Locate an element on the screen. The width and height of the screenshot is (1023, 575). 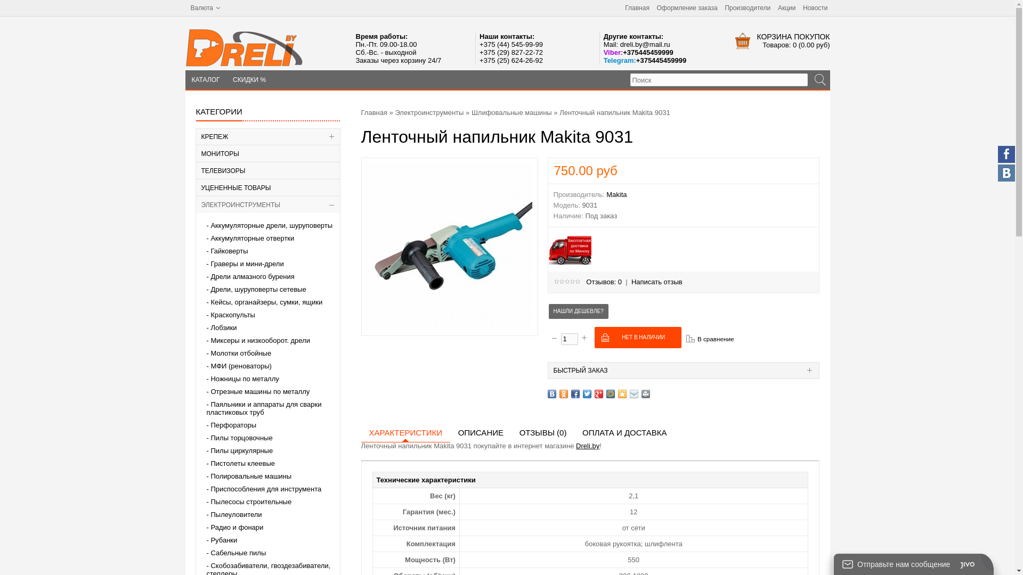
'+375 (29) 827-22-72' is located at coordinates (479, 52).